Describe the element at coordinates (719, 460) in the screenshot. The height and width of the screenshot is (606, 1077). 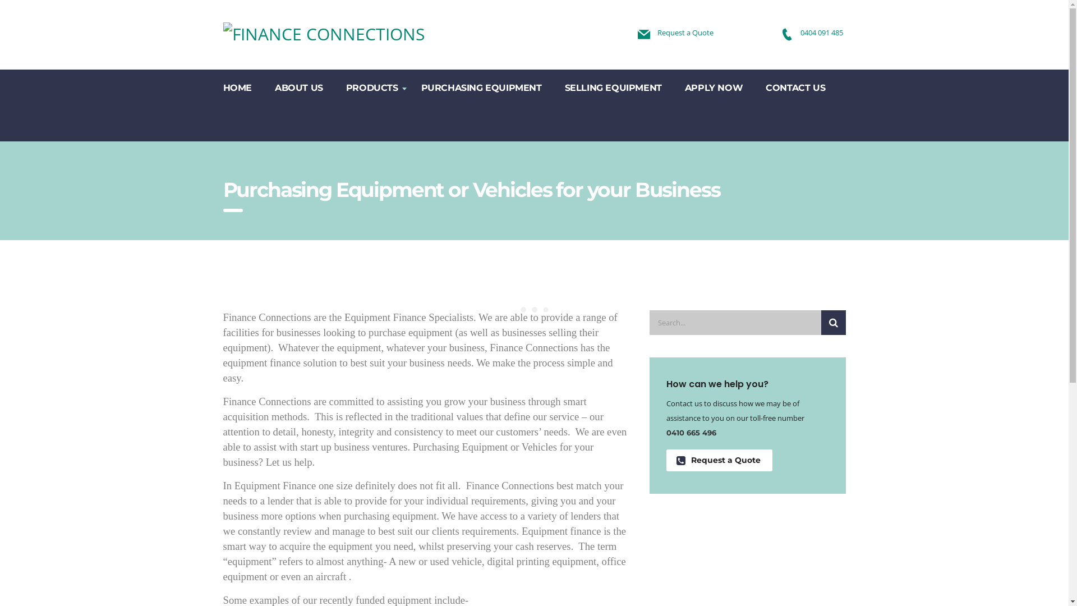
I see `'Request a Quote'` at that location.